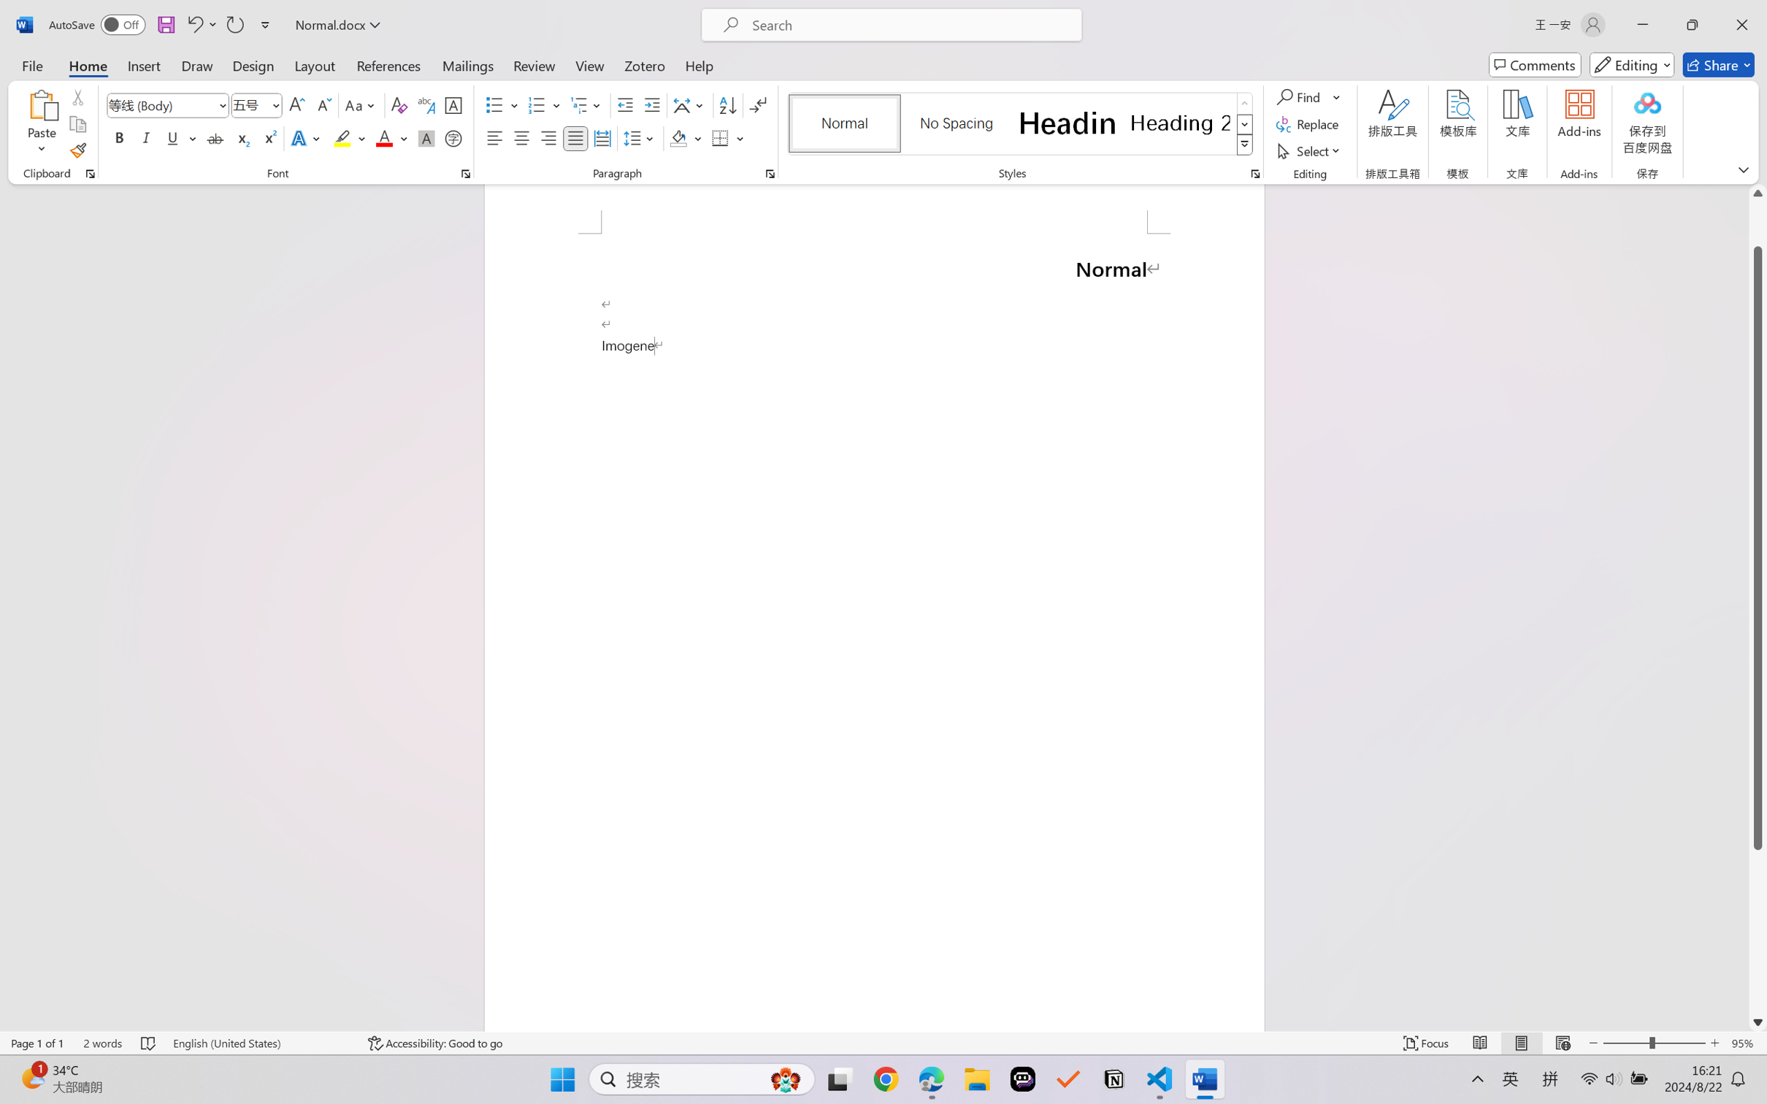 The height and width of the screenshot is (1104, 1767). Describe the element at coordinates (549, 137) in the screenshot. I see `'Align Right'` at that location.